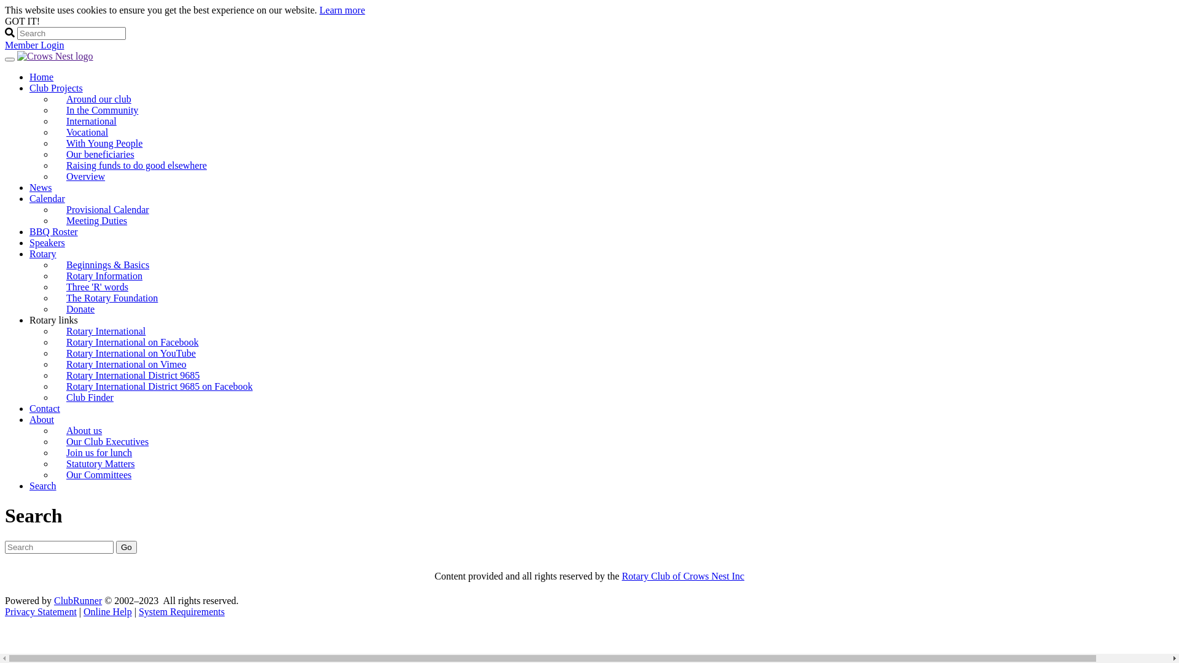 The image size is (1179, 663). Describe the element at coordinates (41, 419) in the screenshot. I see `'About'` at that location.